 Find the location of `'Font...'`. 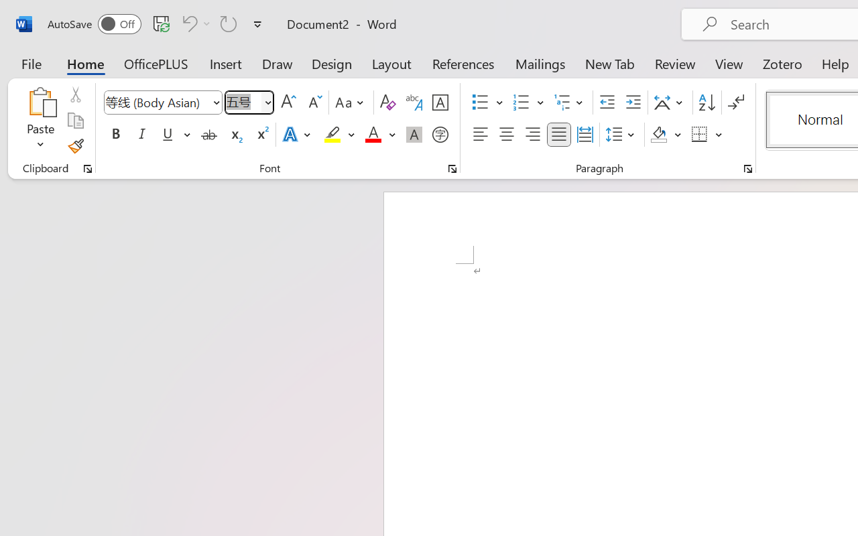

'Font...' is located at coordinates (452, 168).